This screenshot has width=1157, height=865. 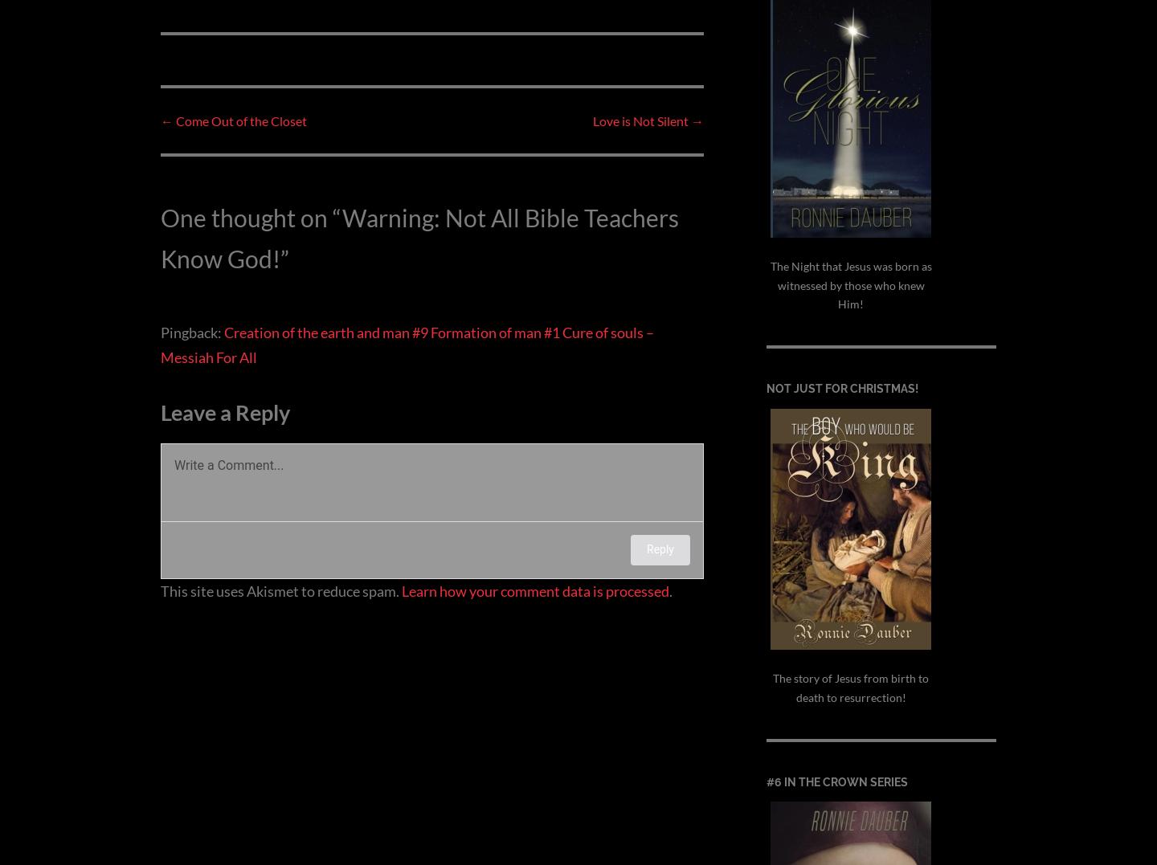 I want to click on 'Leave a Reply', so click(x=224, y=410).